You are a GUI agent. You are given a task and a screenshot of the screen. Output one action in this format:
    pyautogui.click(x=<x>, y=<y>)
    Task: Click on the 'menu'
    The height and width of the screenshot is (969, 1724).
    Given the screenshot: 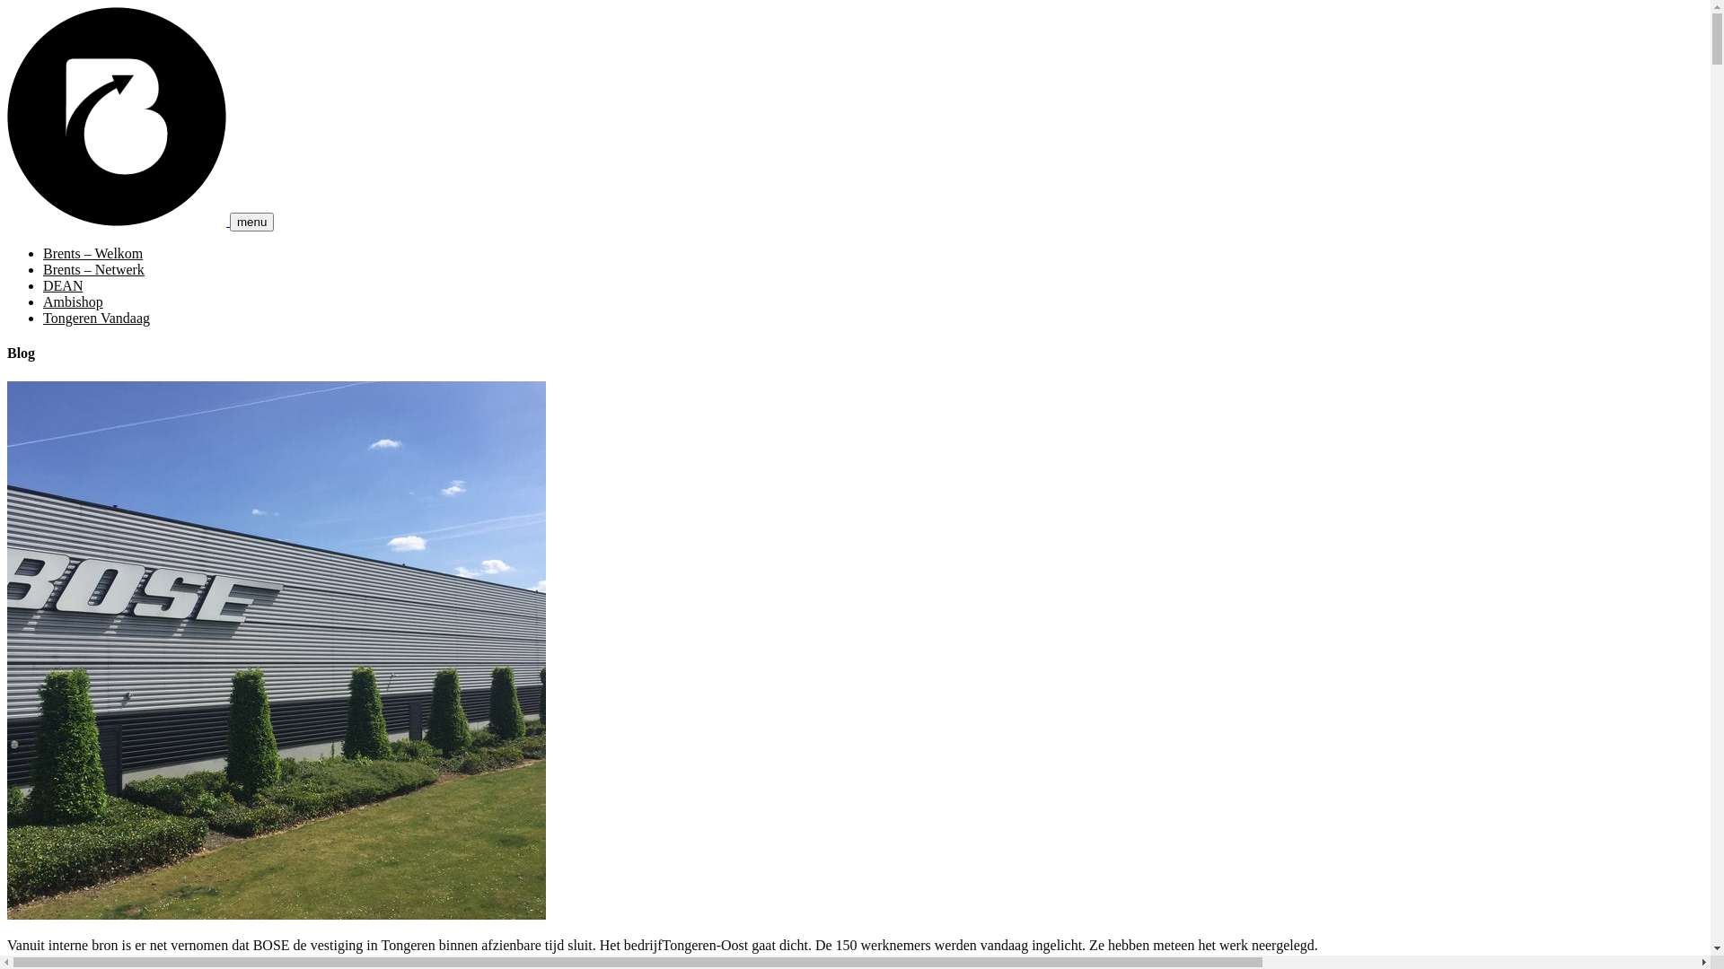 What is the action you would take?
    pyautogui.click(x=251, y=221)
    